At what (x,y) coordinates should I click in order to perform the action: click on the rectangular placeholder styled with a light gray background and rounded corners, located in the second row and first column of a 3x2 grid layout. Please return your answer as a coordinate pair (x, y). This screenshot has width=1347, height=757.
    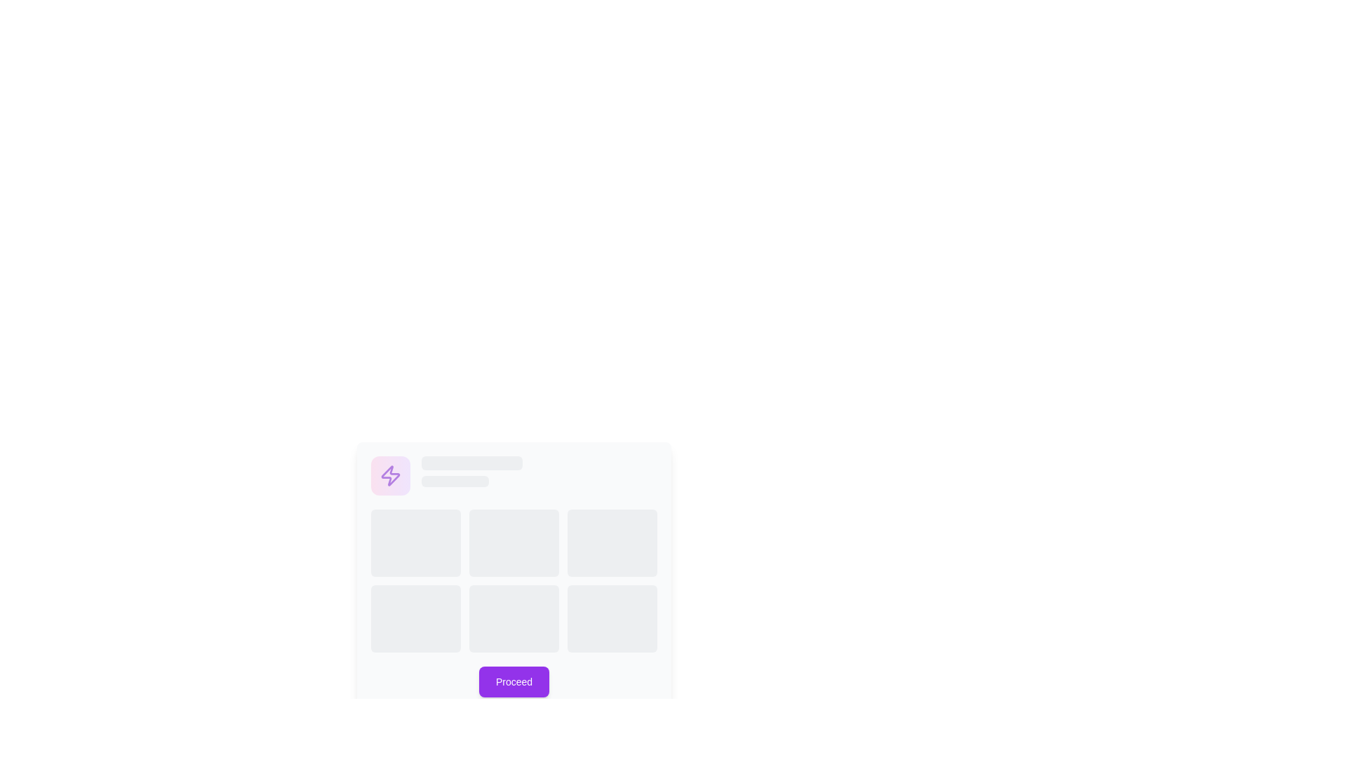
    Looking at the image, I should click on (415, 618).